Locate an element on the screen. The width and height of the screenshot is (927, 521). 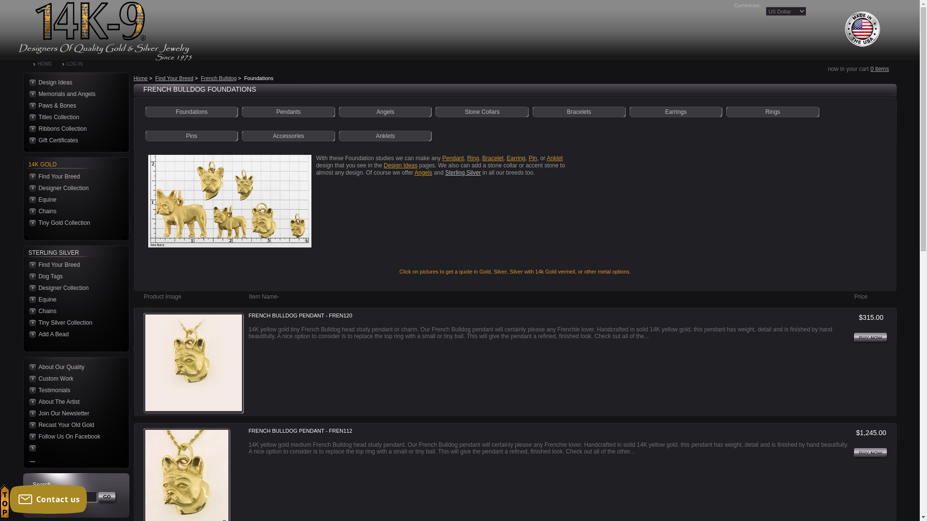
'Pins' is located at coordinates (191, 136).